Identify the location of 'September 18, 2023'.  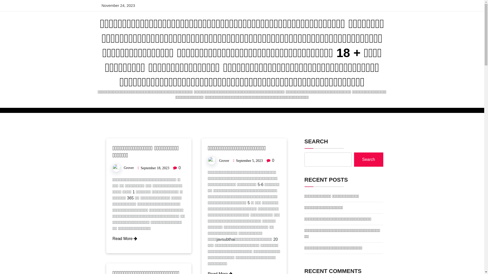
(155, 168).